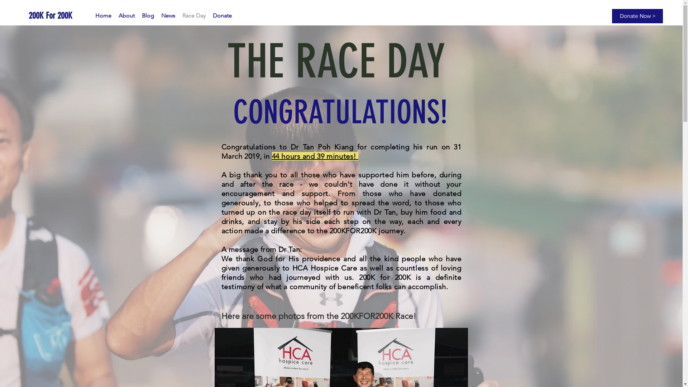 This screenshot has height=387, width=688. What do you see at coordinates (29, 15) in the screenshot?
I see `'200K For 200K'` at bounding box center [29, 15].